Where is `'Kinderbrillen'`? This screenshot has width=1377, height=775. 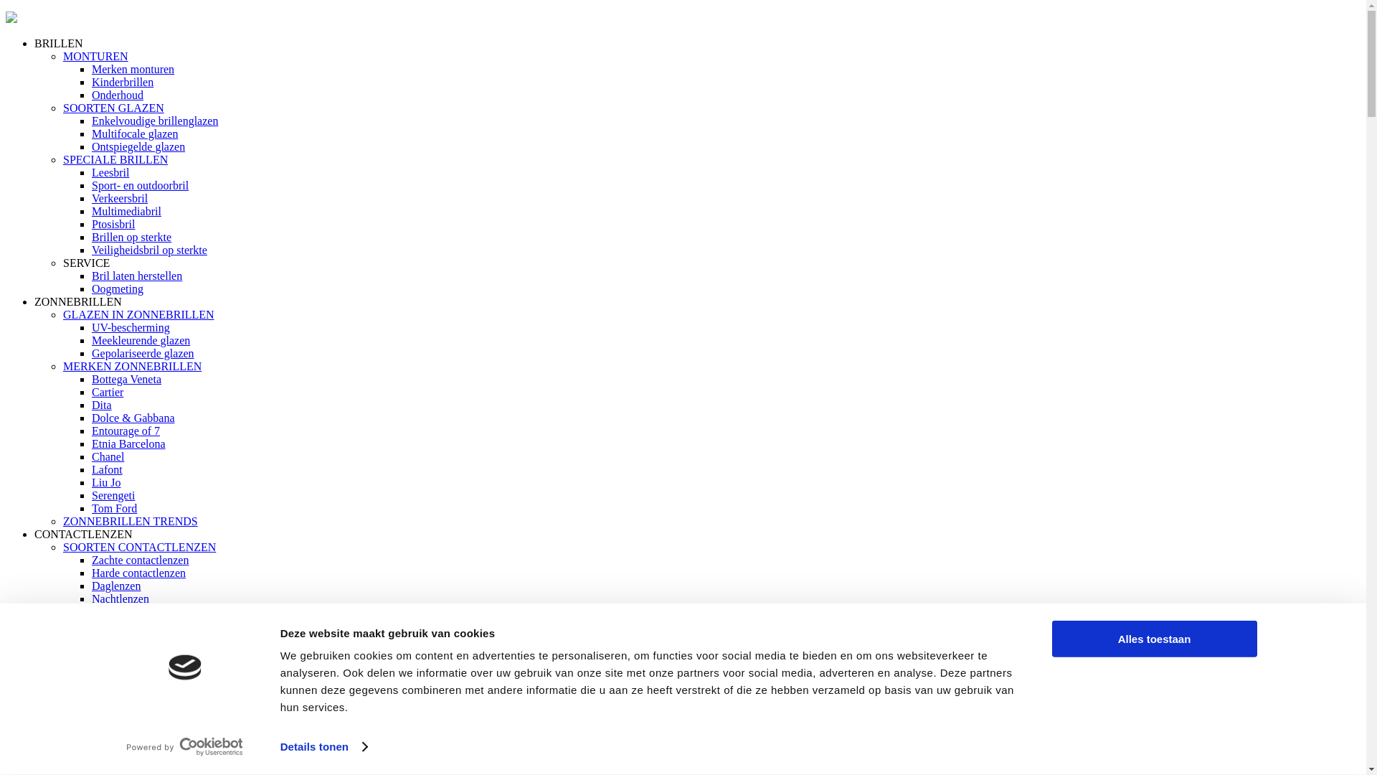 'Kinderbrillen' is located at coordinates (123, 82).